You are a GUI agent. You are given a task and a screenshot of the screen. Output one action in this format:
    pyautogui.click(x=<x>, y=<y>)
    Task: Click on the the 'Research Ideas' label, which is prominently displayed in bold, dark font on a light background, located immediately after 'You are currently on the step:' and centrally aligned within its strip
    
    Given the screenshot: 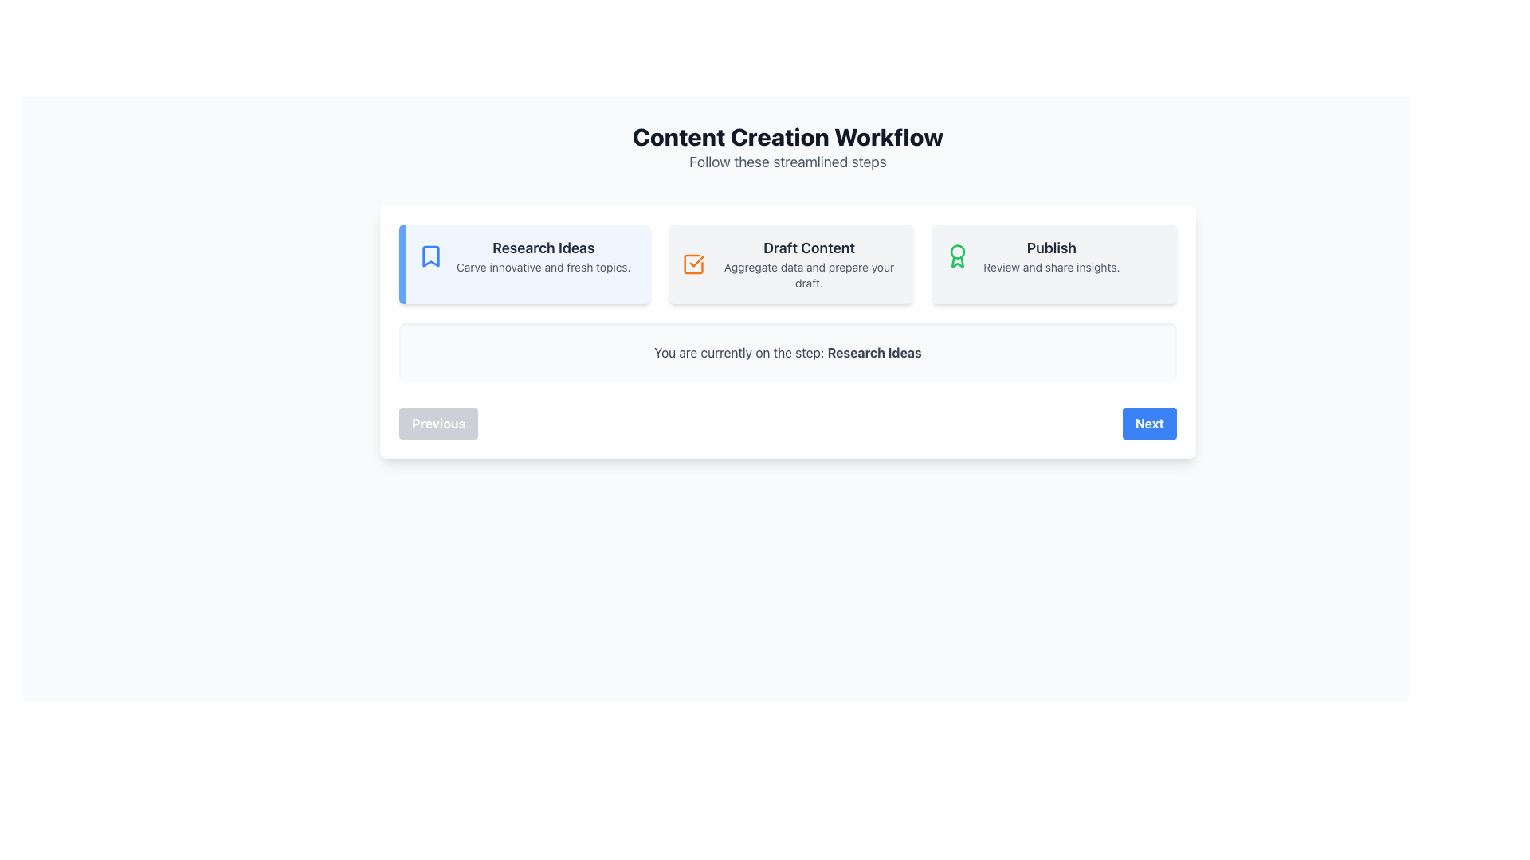 What is the action you would take?
    pyautogui.click(x=873, y=352)
    